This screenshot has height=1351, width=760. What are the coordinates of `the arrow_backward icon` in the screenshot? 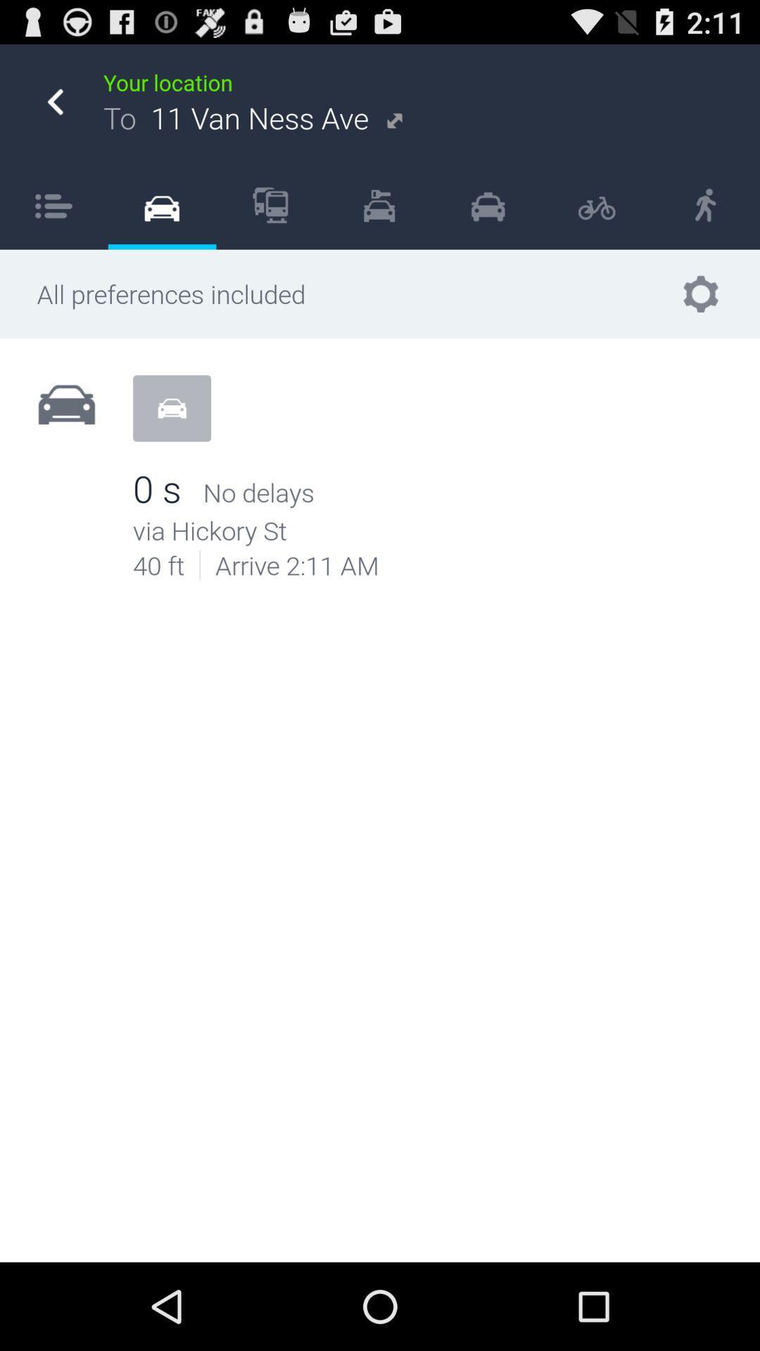 It's located at (54, 109).